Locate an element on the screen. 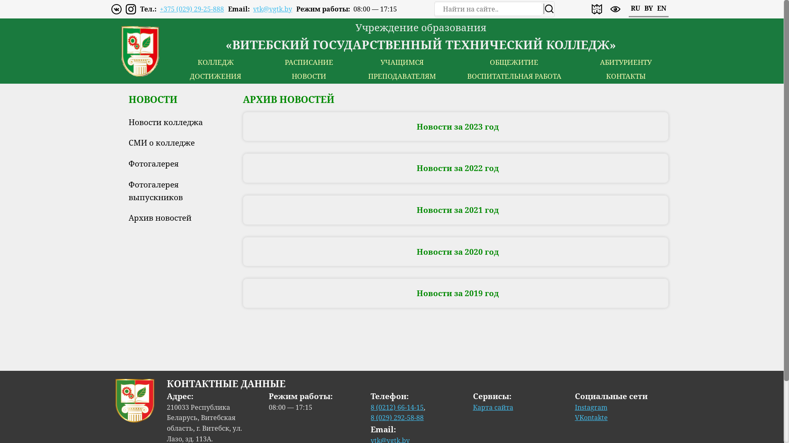 This screenshot has width=789, height=443. 'Instagram' is located at coordinates (591, 407).